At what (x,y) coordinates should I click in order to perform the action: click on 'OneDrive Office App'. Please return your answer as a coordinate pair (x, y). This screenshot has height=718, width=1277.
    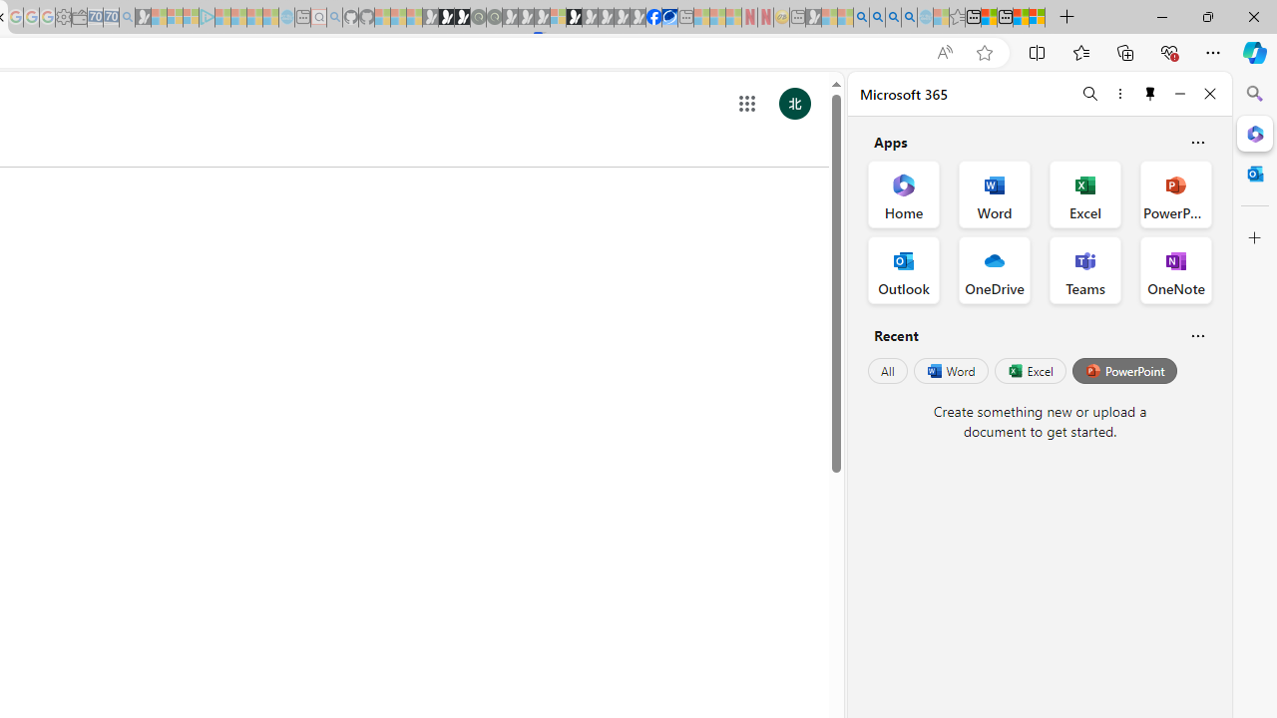
    Looking at the image, I should click on (995, 270).